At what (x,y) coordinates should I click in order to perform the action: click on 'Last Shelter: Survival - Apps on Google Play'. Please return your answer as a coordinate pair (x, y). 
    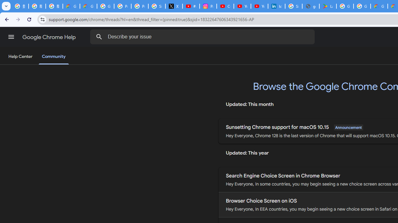
    Looking at the image, I should click on (327, 6).